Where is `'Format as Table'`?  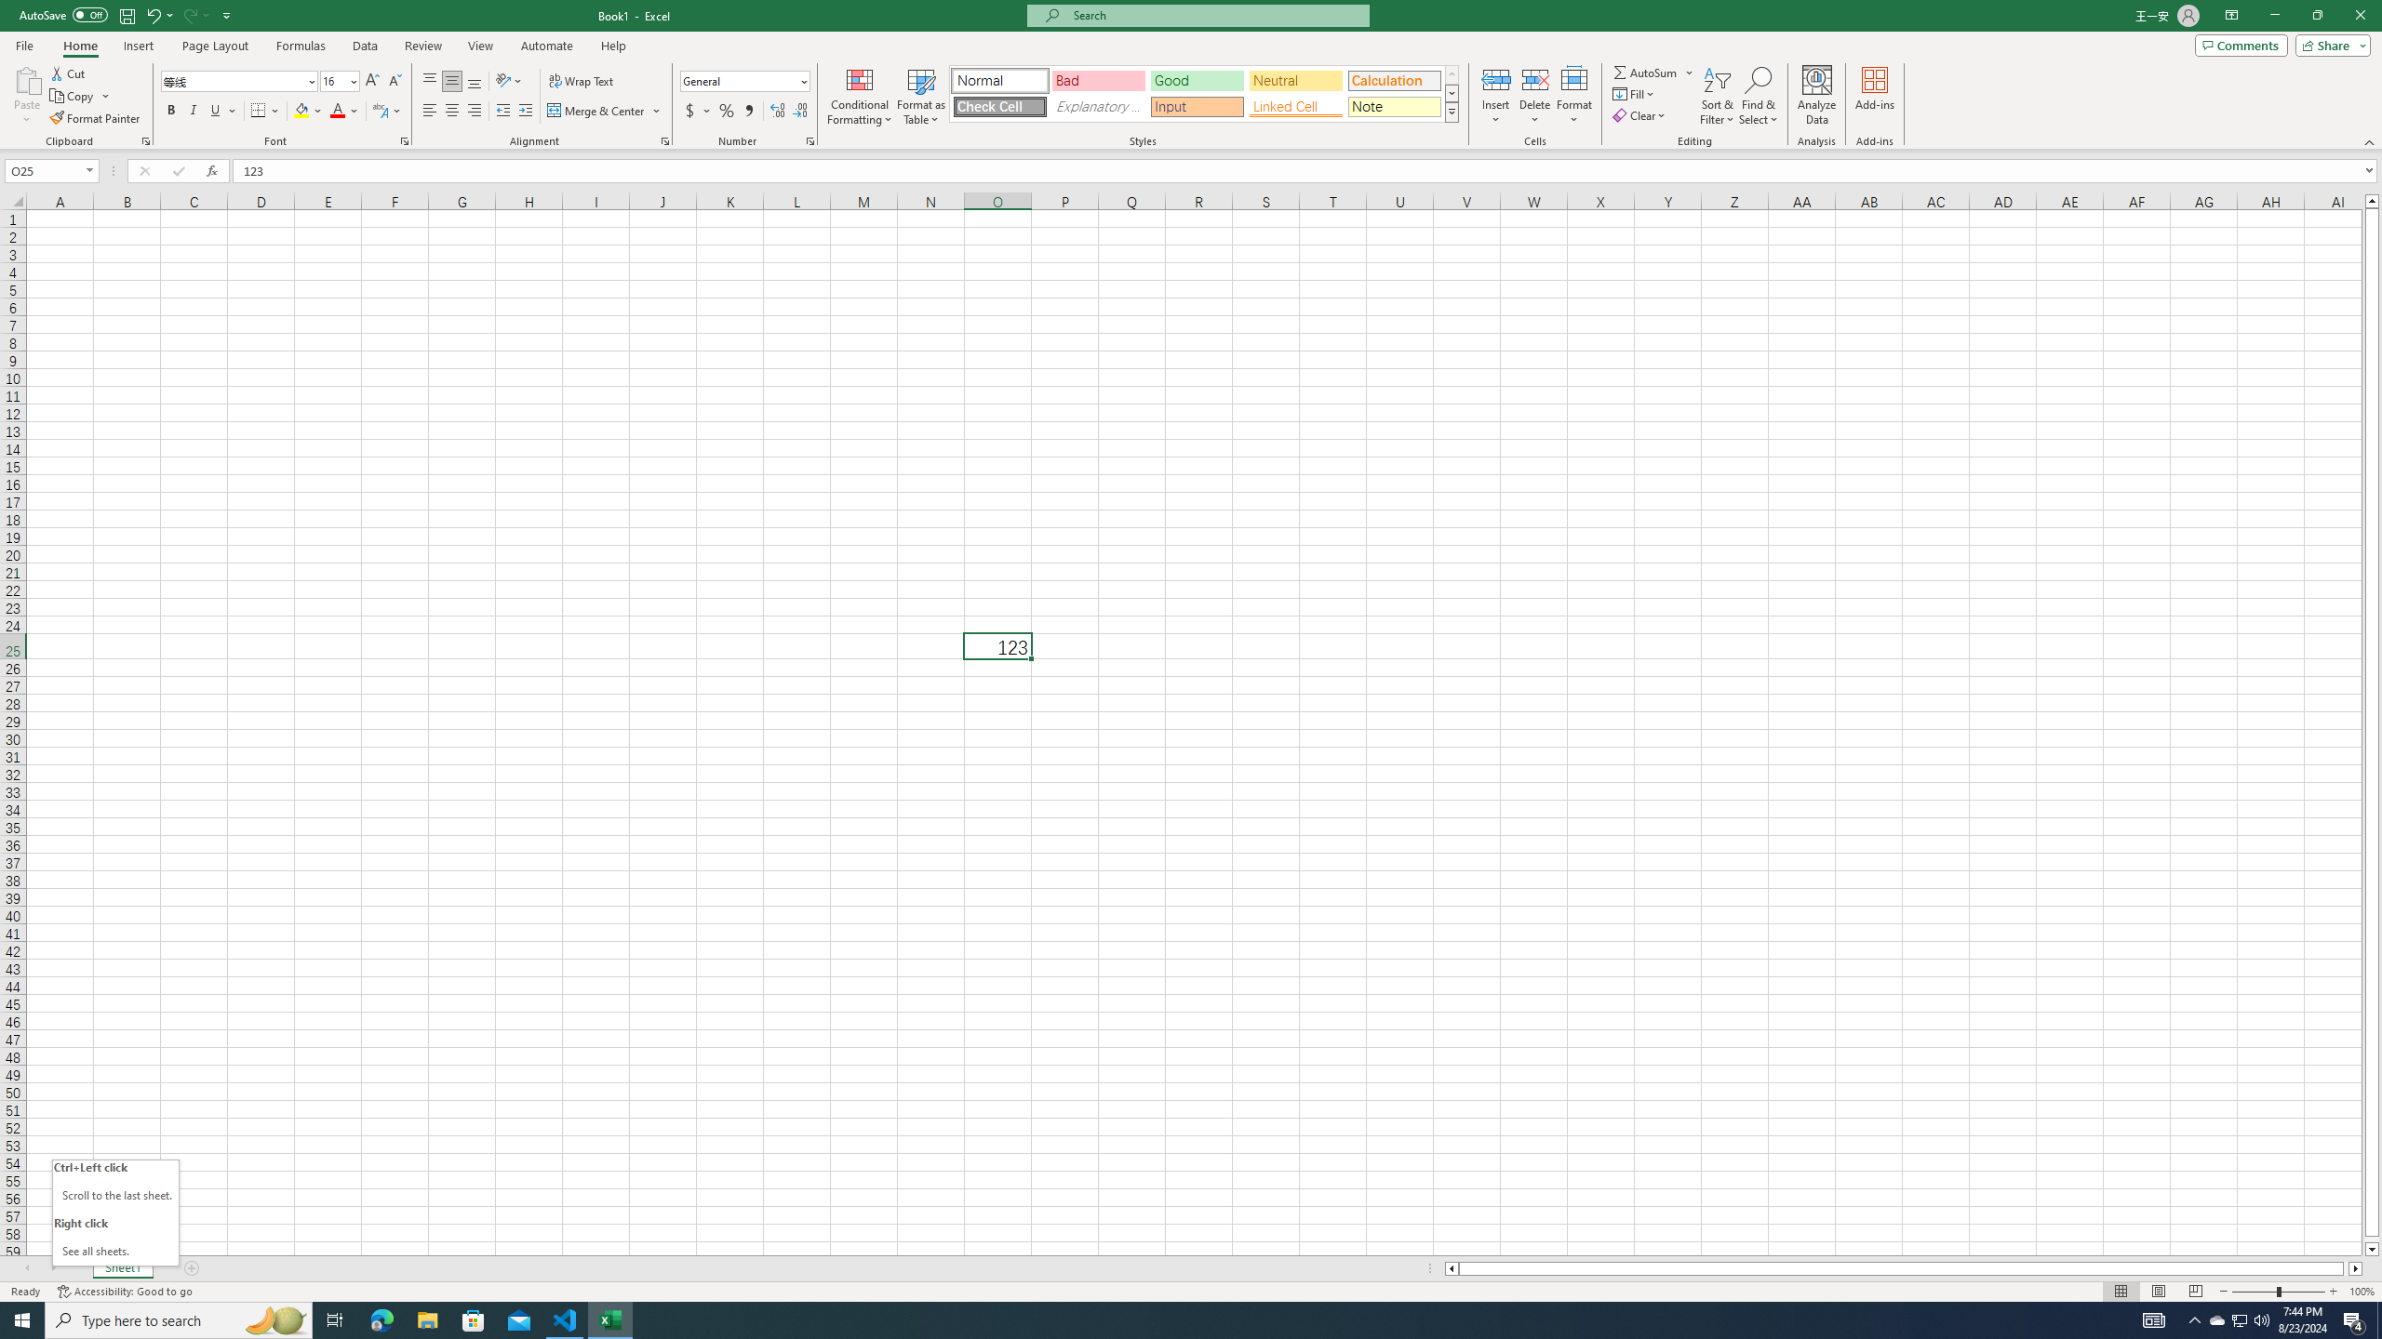 'Format as Table' is located at coordinates (921, 96).